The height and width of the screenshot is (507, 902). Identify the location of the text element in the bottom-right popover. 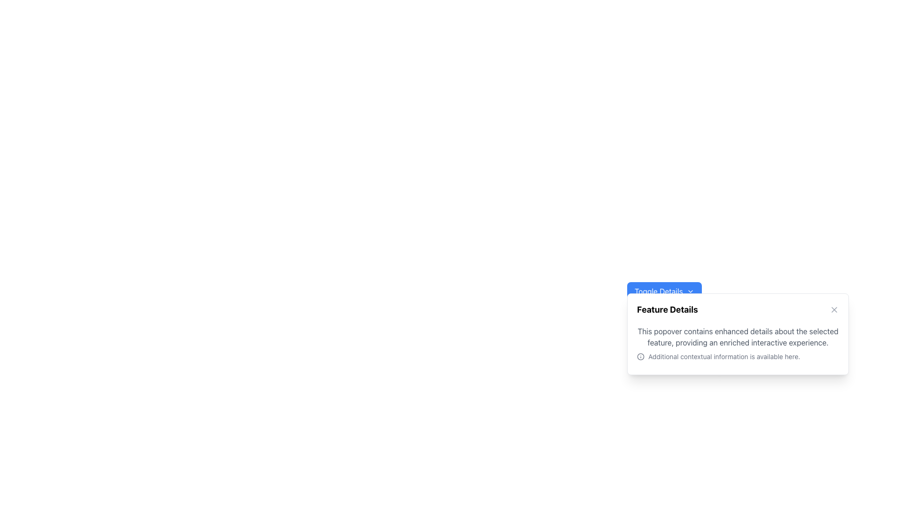
(737, 356).